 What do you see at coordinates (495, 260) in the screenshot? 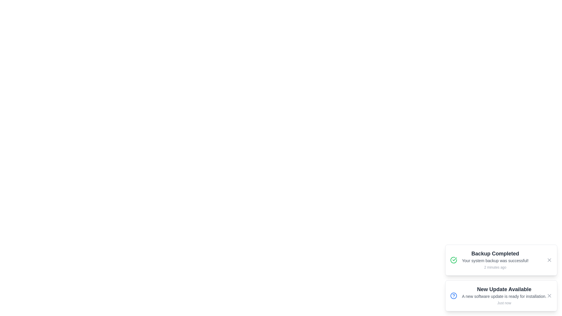
I see `the task title to read its details` at bounding box center [495, 260].